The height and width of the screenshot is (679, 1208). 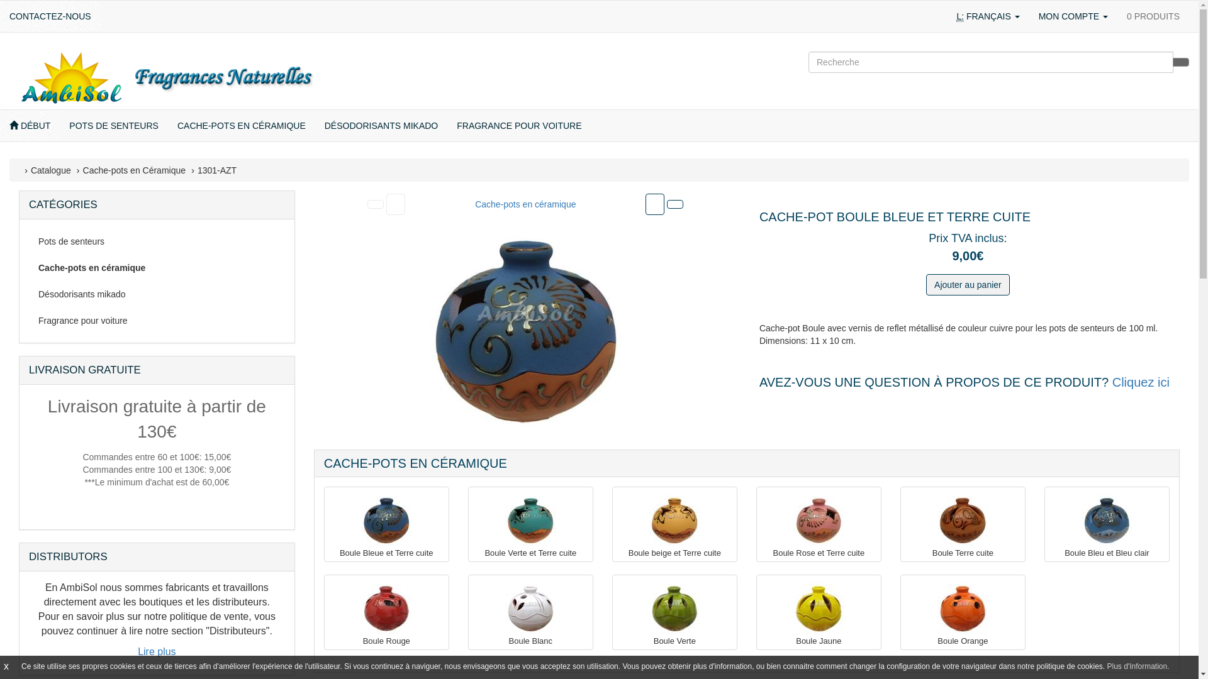 I want to click on 'Pots de senteurs', so click(x=156, y=241).